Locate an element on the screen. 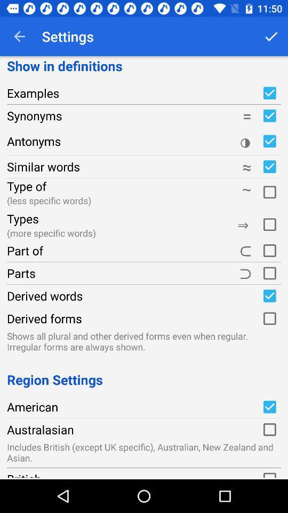 The width and height of the screenshot is (288, 513). switch specific word types is located at coordinates (269, 222).